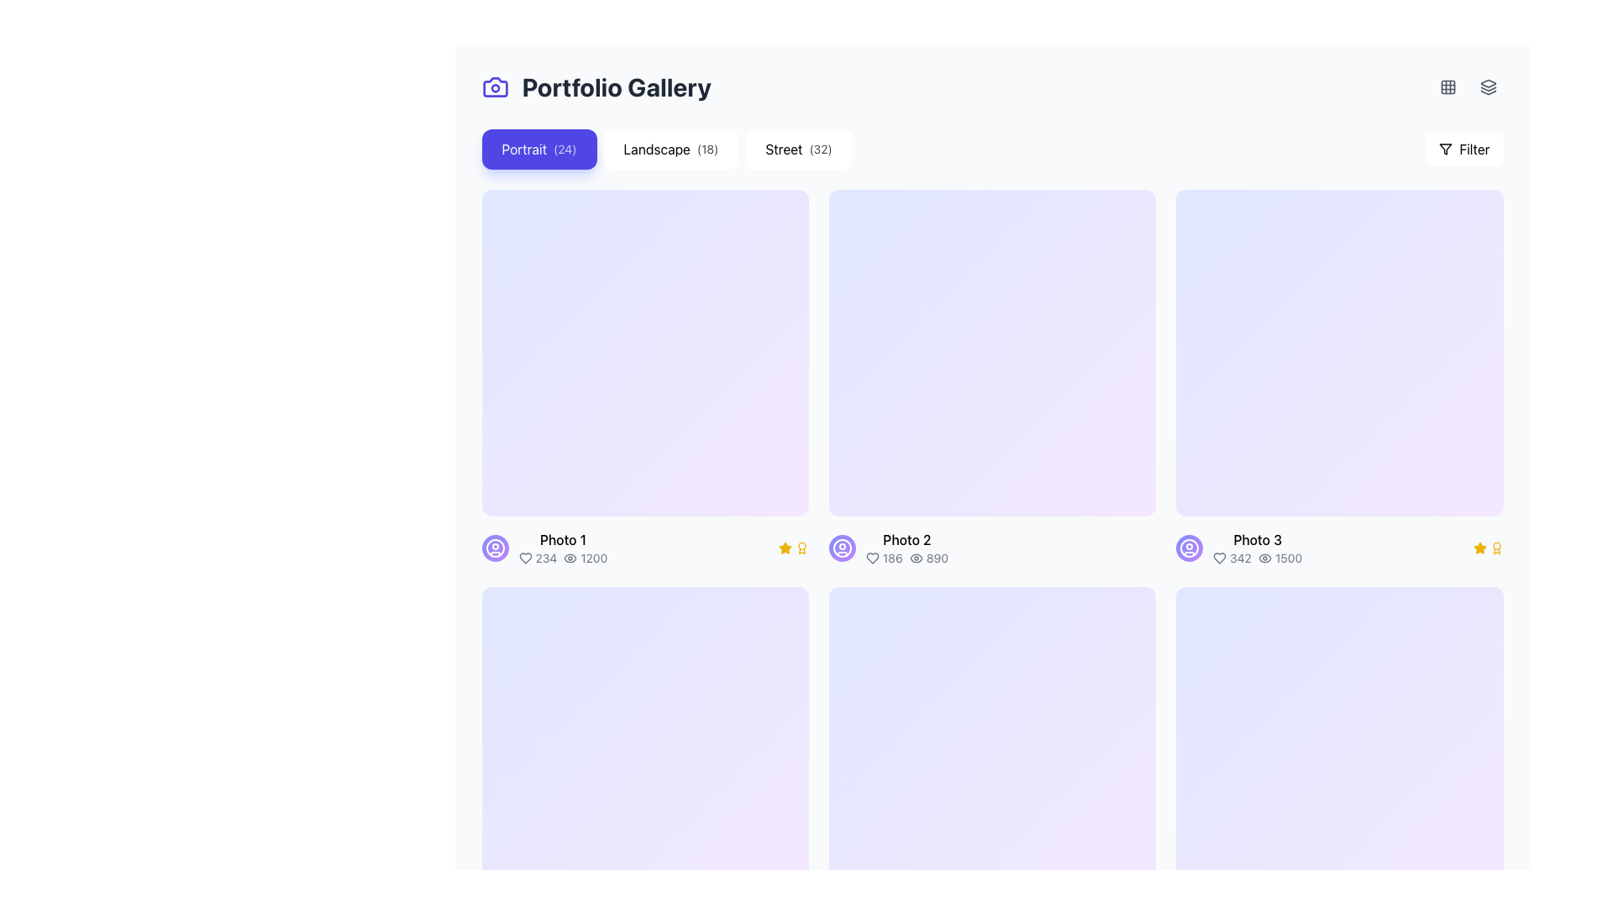 The height and width of the screenshot is (907, 1613). Describe the element at coordinates (1189, 548) in the screenshot. I see `the circular Icon component with a gradient background and a white user icon, located in the bottom row of the gallery view preceding the text 'Photo 3'` at that location.